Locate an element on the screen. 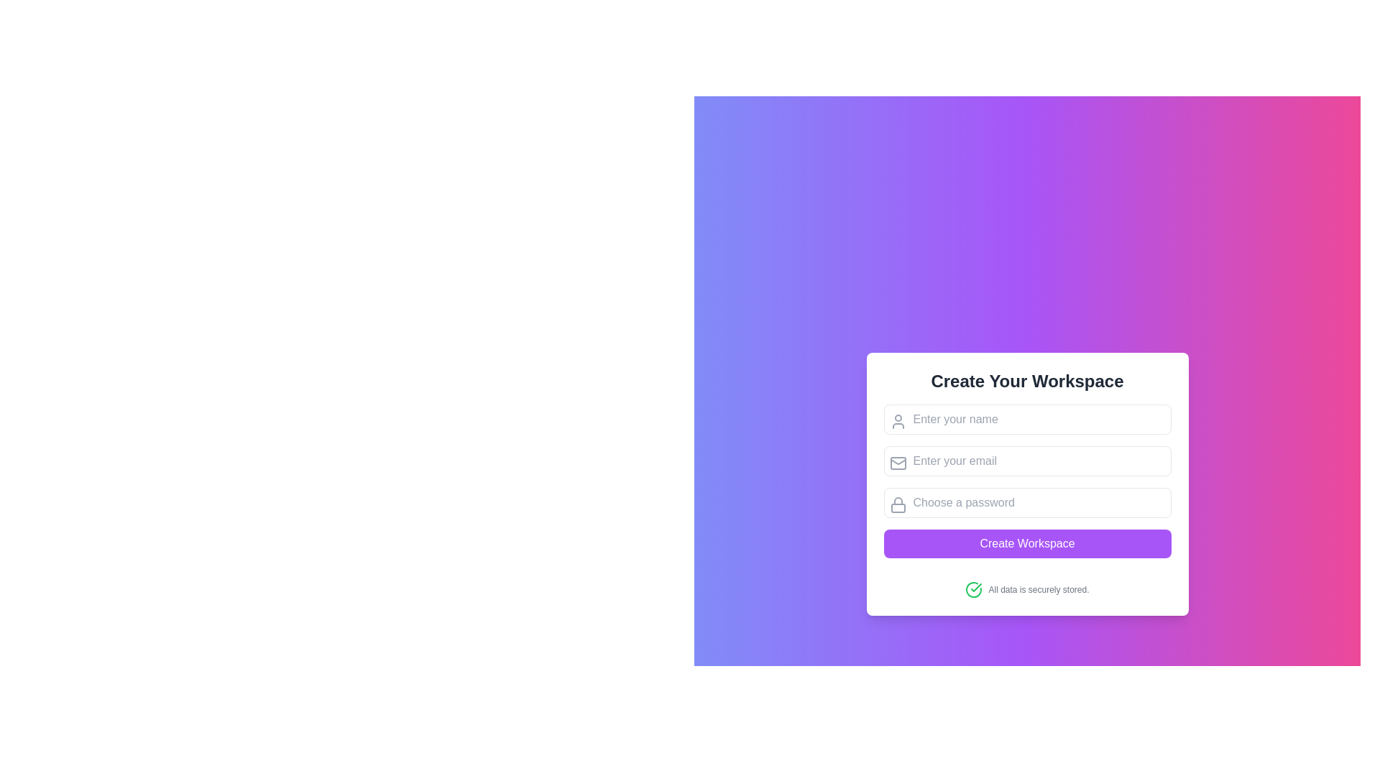  the button located at the bottom of the form within the centered modal is located at coordinates (1026, 543).